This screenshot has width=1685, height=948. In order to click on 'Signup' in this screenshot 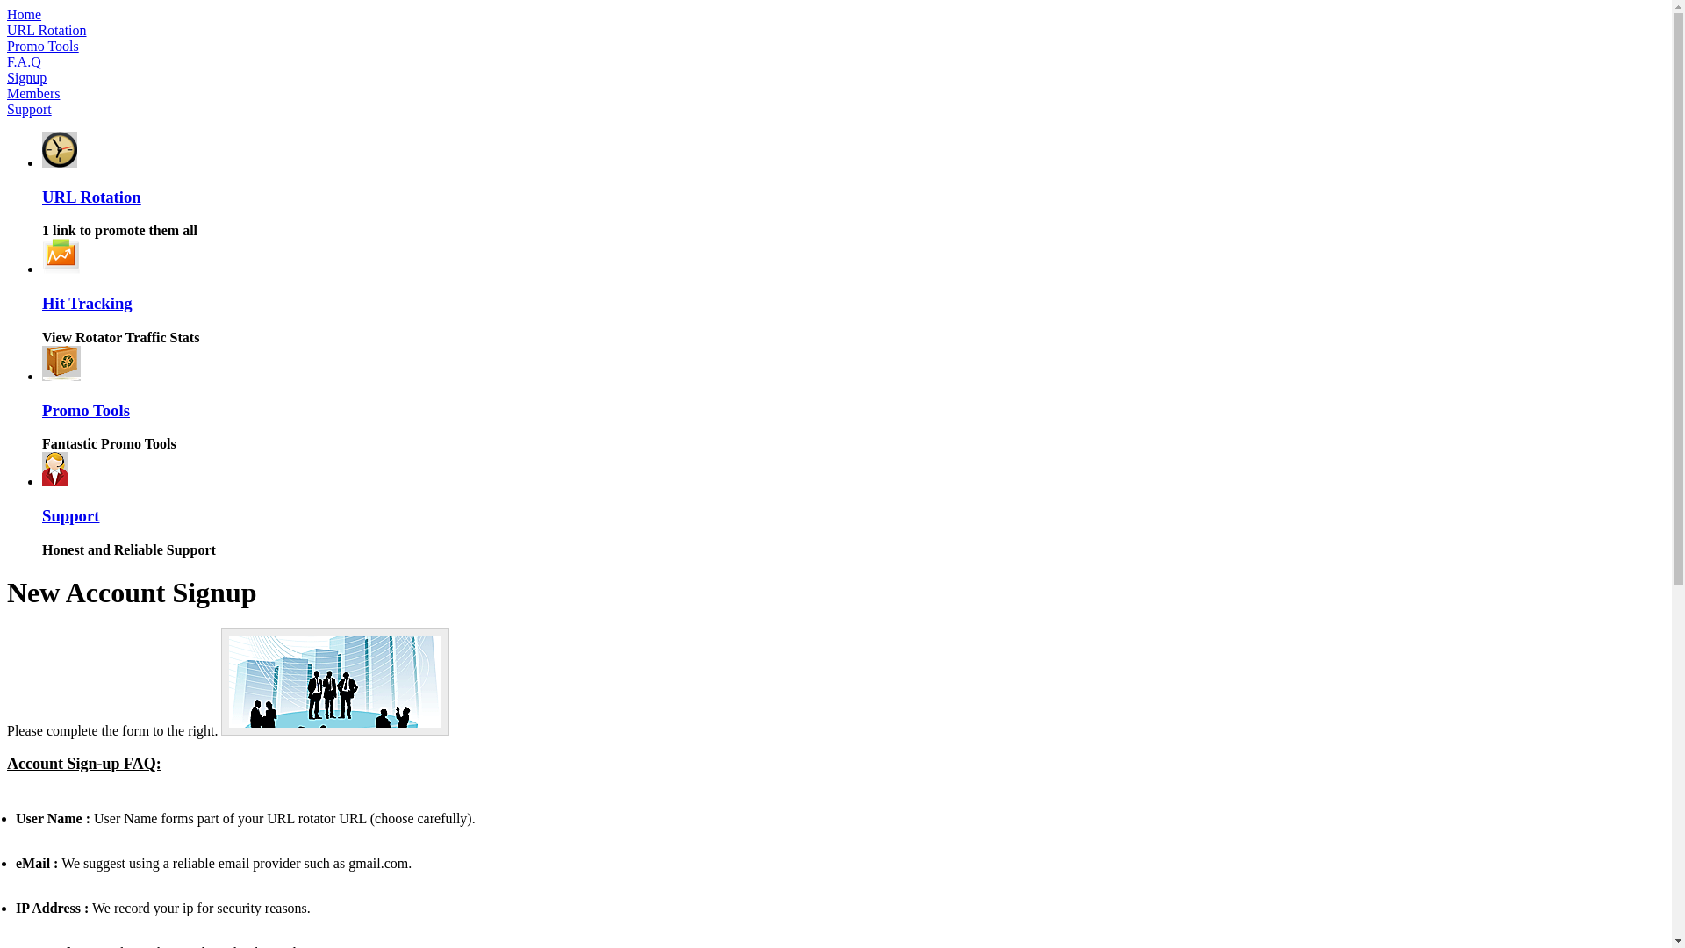, I will do `click(26, 76)`.